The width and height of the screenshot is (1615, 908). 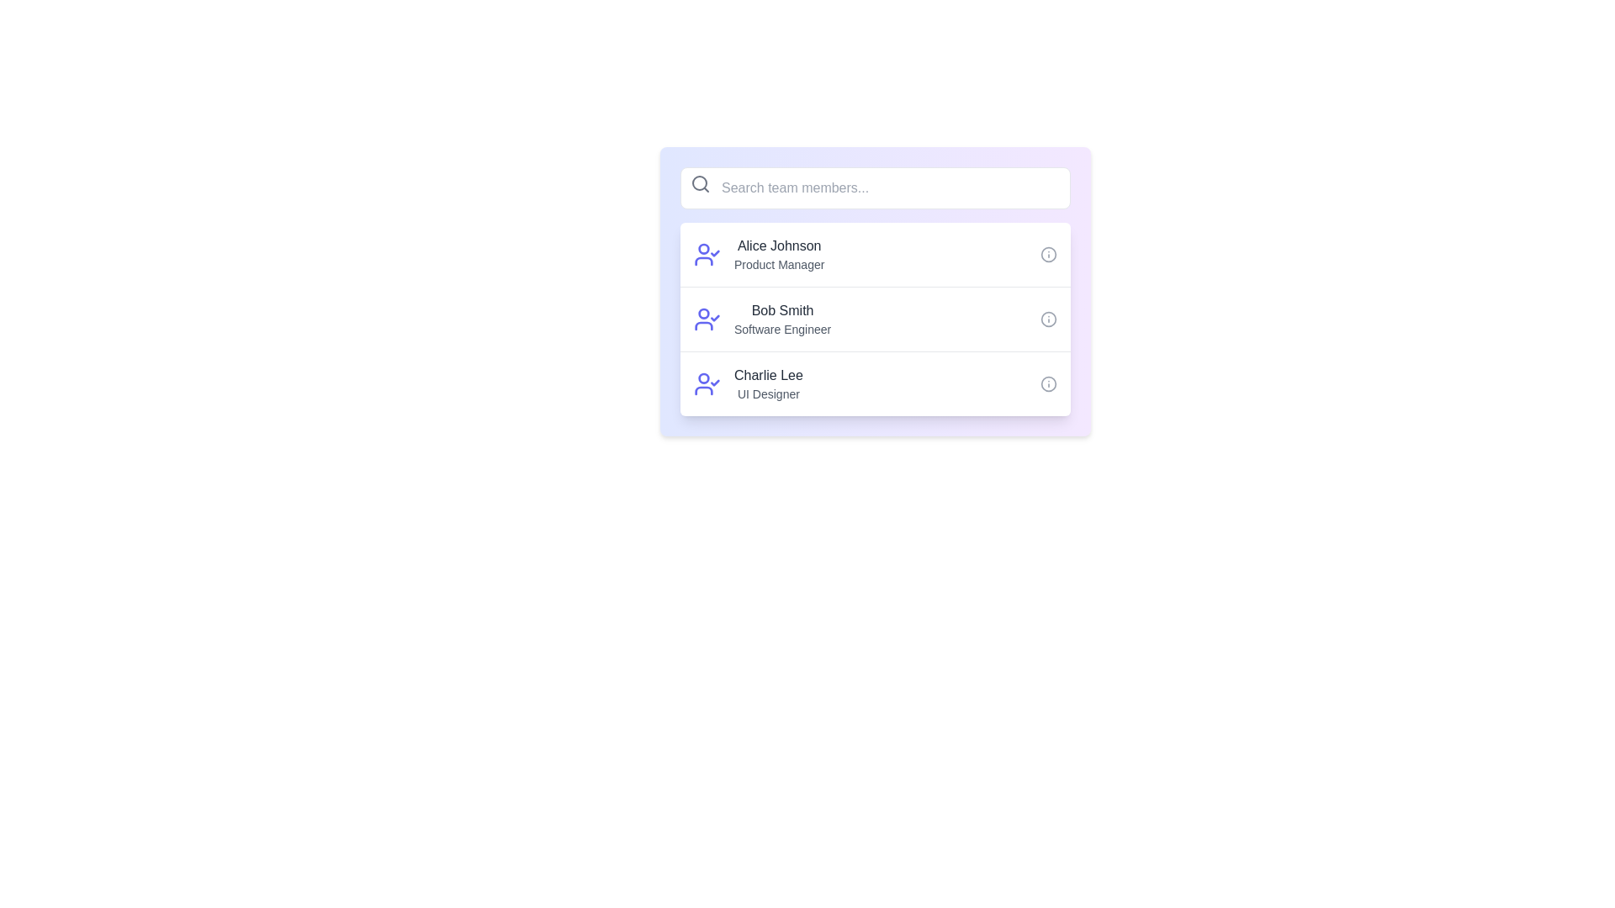 I want to click on the first SVG icon that indicates the user's confirmed status, which is located before the text 'Bob Smith' and 'Software Engineer.', so click(x=707, y=319).